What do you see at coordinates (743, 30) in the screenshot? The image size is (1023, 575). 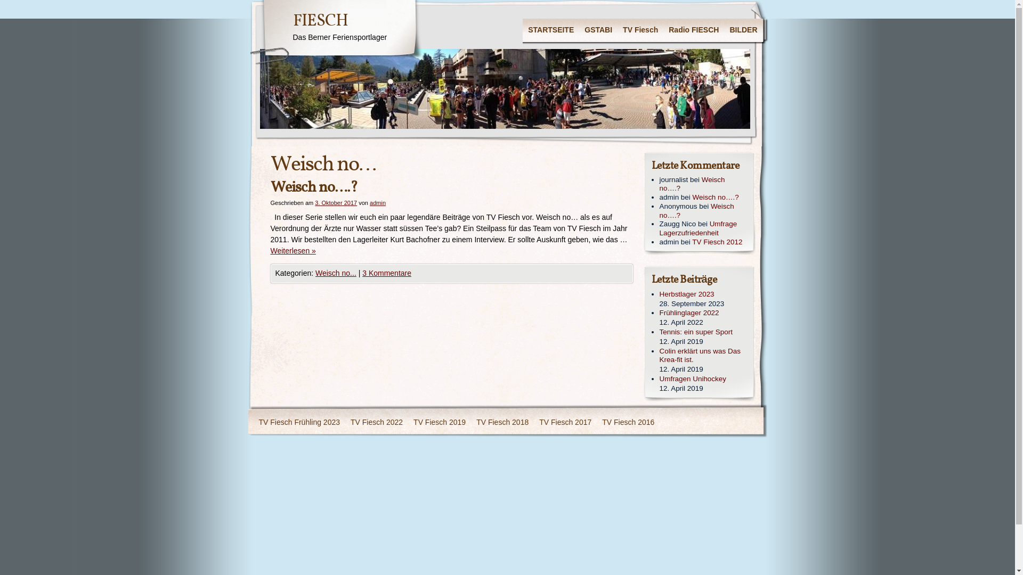 I see `'BILDER'` at bounding box center [743, 30].